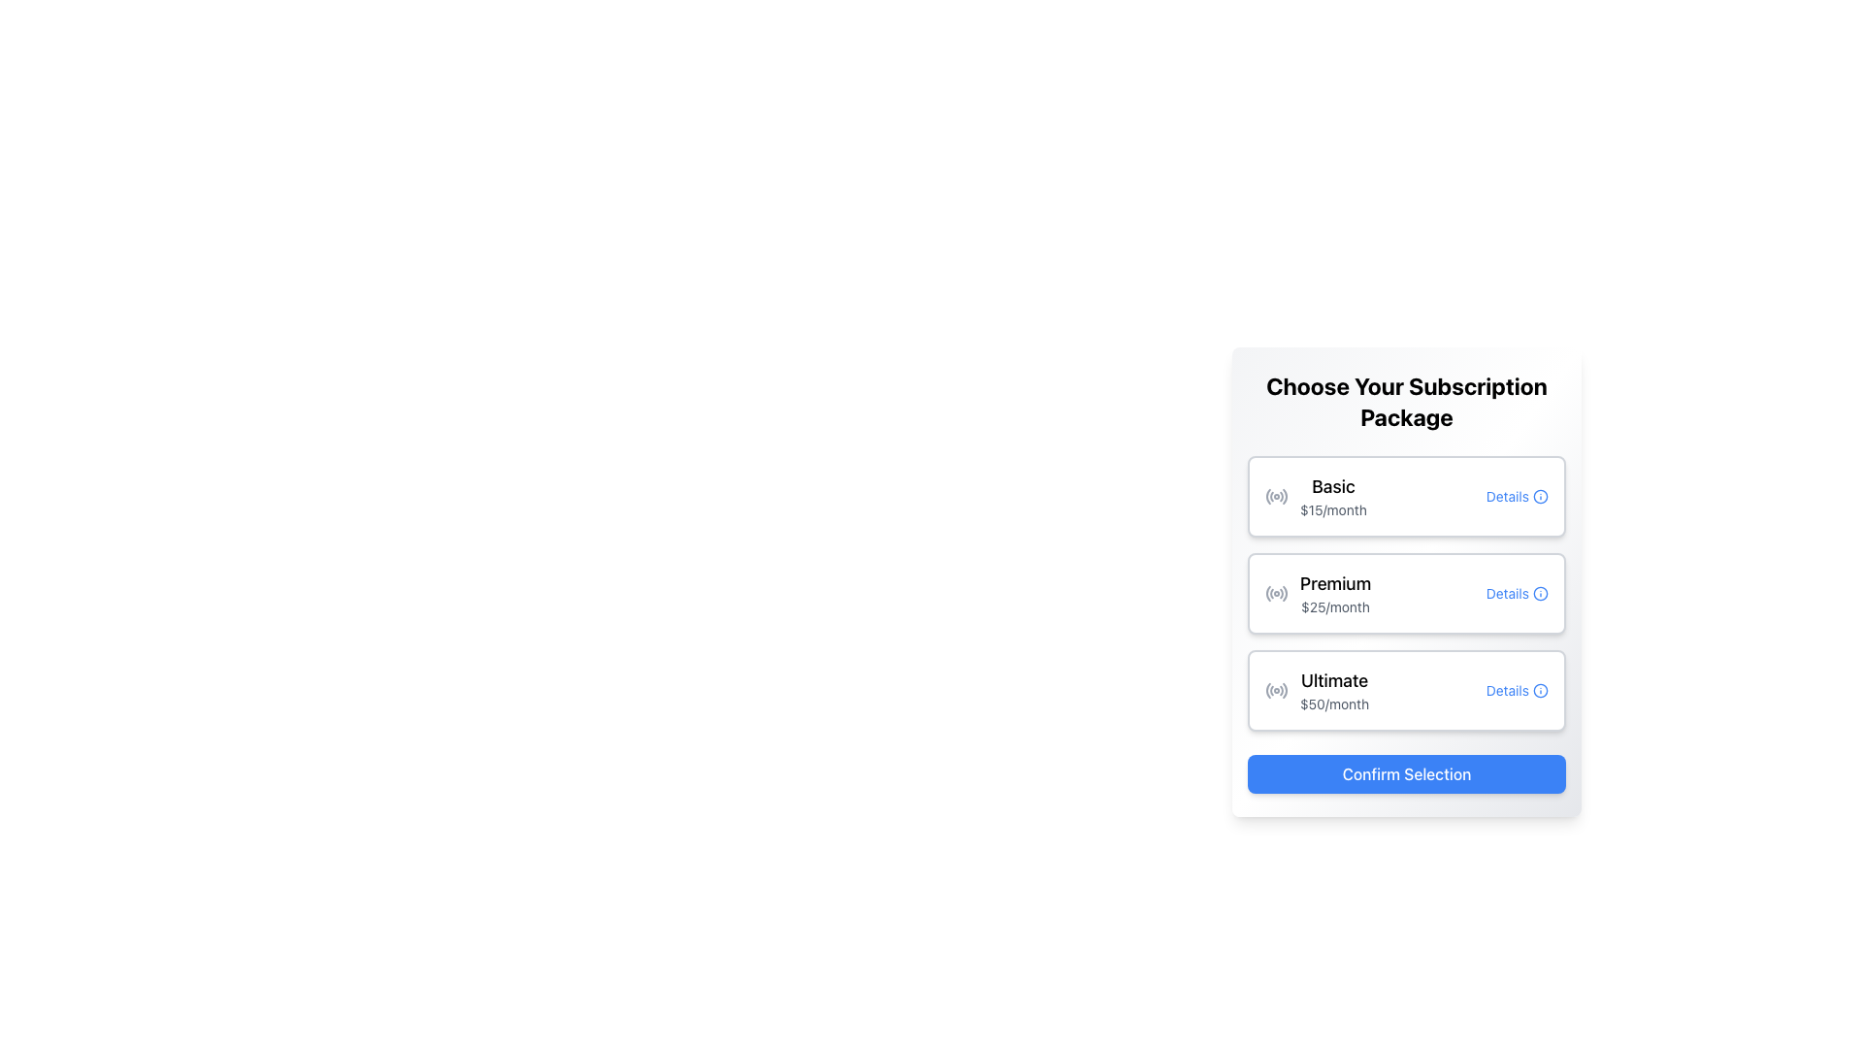  What do you see at coordinates (1540, 593) in the screenshot?
I see `the info icon located to the right of the 'Premium' subscription option within the 'Details' button` at bounding box center [1540, 593].